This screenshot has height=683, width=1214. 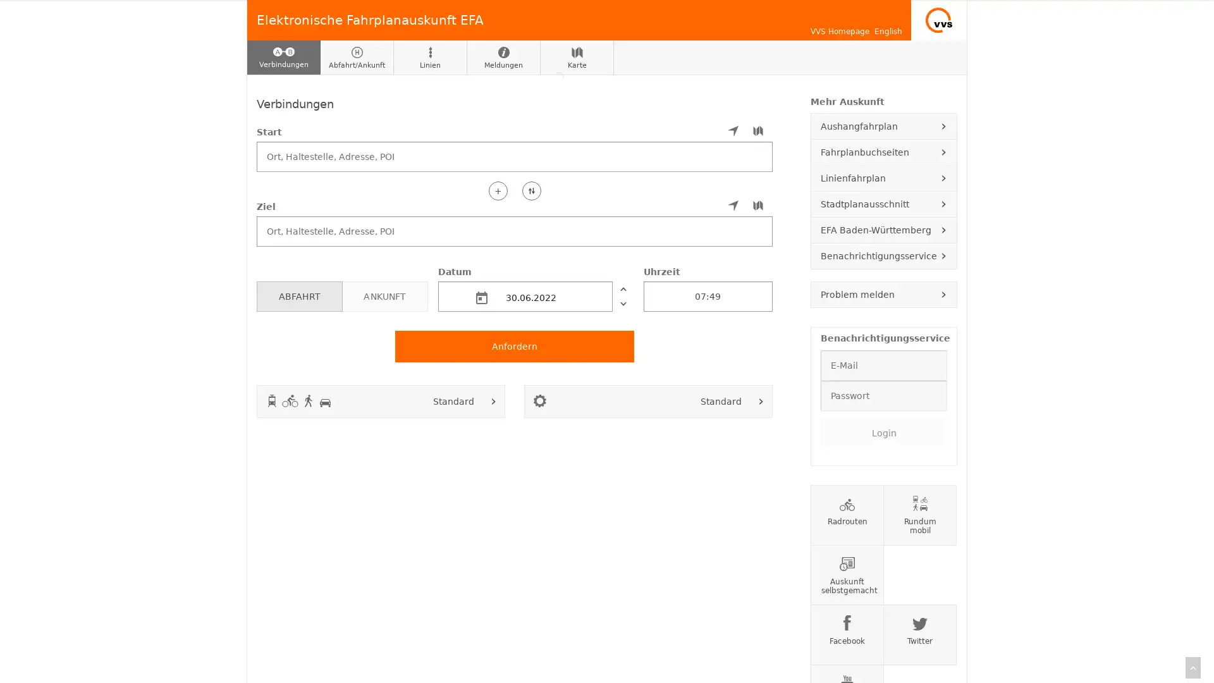 I want to click on vorher, so click(x=622, y=288).